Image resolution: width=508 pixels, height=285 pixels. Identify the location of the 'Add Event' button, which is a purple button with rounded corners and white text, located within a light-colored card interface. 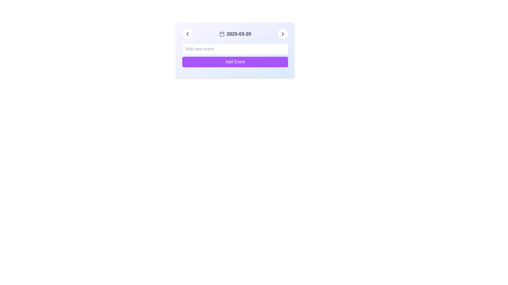
(235, 55).